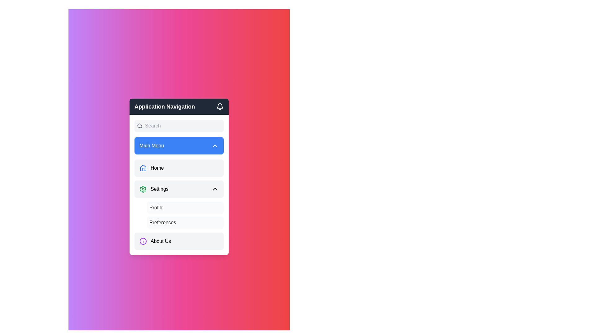 The height and width of the screenshot is (335, 595). Describe the element at coordinates (185, 208) in the screenshot. I see `the 'Profile' button located in the navigation menu panel` at that location.